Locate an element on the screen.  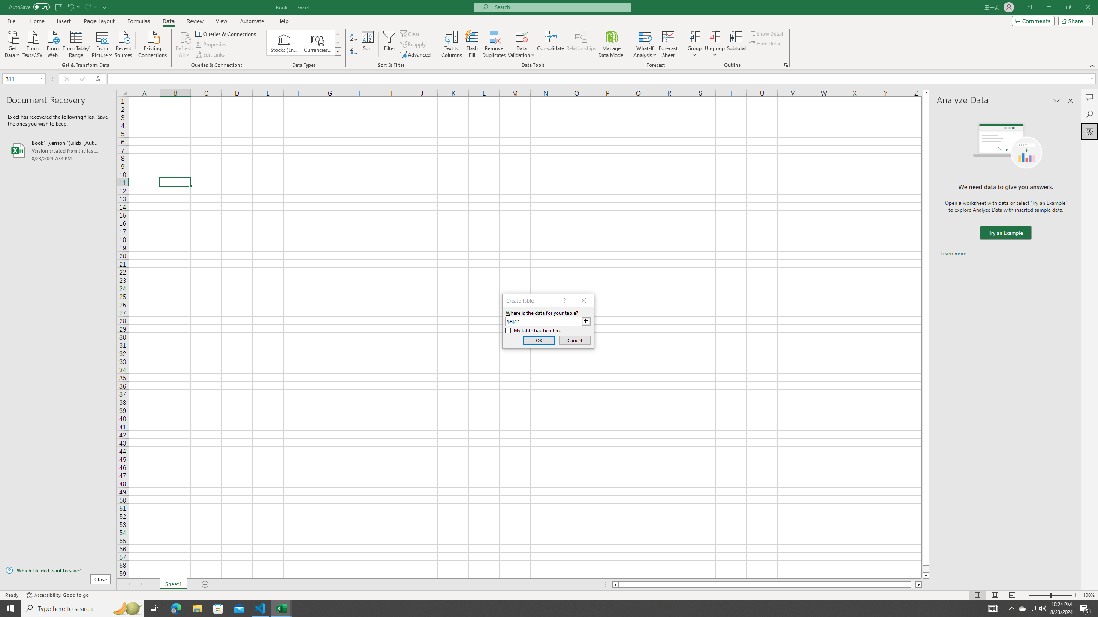
'Group...' is located at coordinates (694, 36).